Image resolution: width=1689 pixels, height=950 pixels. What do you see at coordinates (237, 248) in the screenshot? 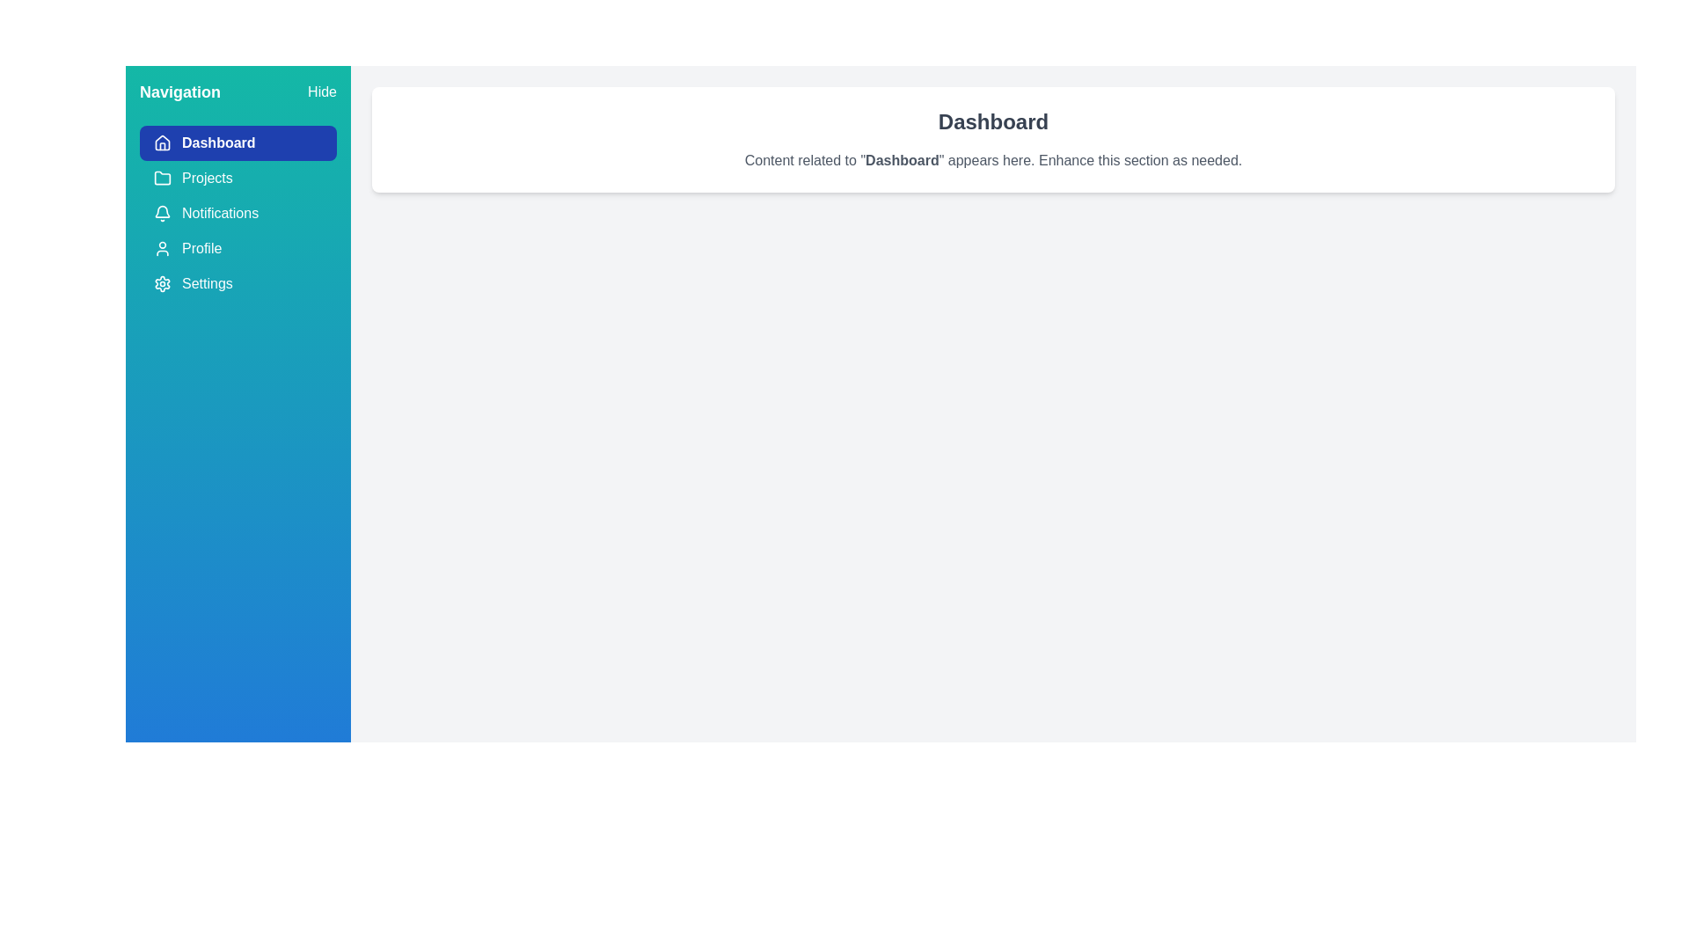
I see `the menu item Profile from the drawer` at bounding box center [237, 248].